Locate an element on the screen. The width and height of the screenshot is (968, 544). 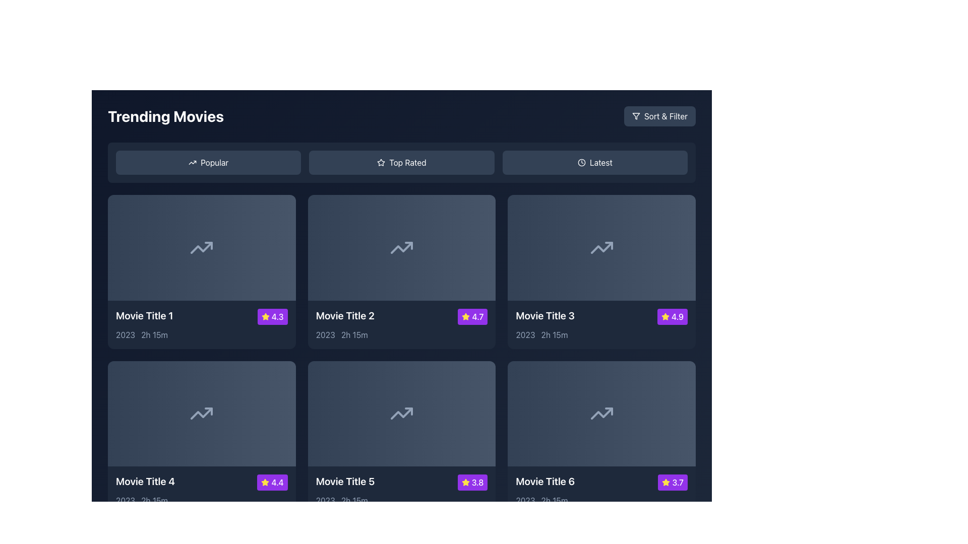
the text label displaying '2h 15m', which is formatted in a light gray sans-serif font against a dark background, located below the 'Movie Title 5' section is located at coordinates (354, 501).